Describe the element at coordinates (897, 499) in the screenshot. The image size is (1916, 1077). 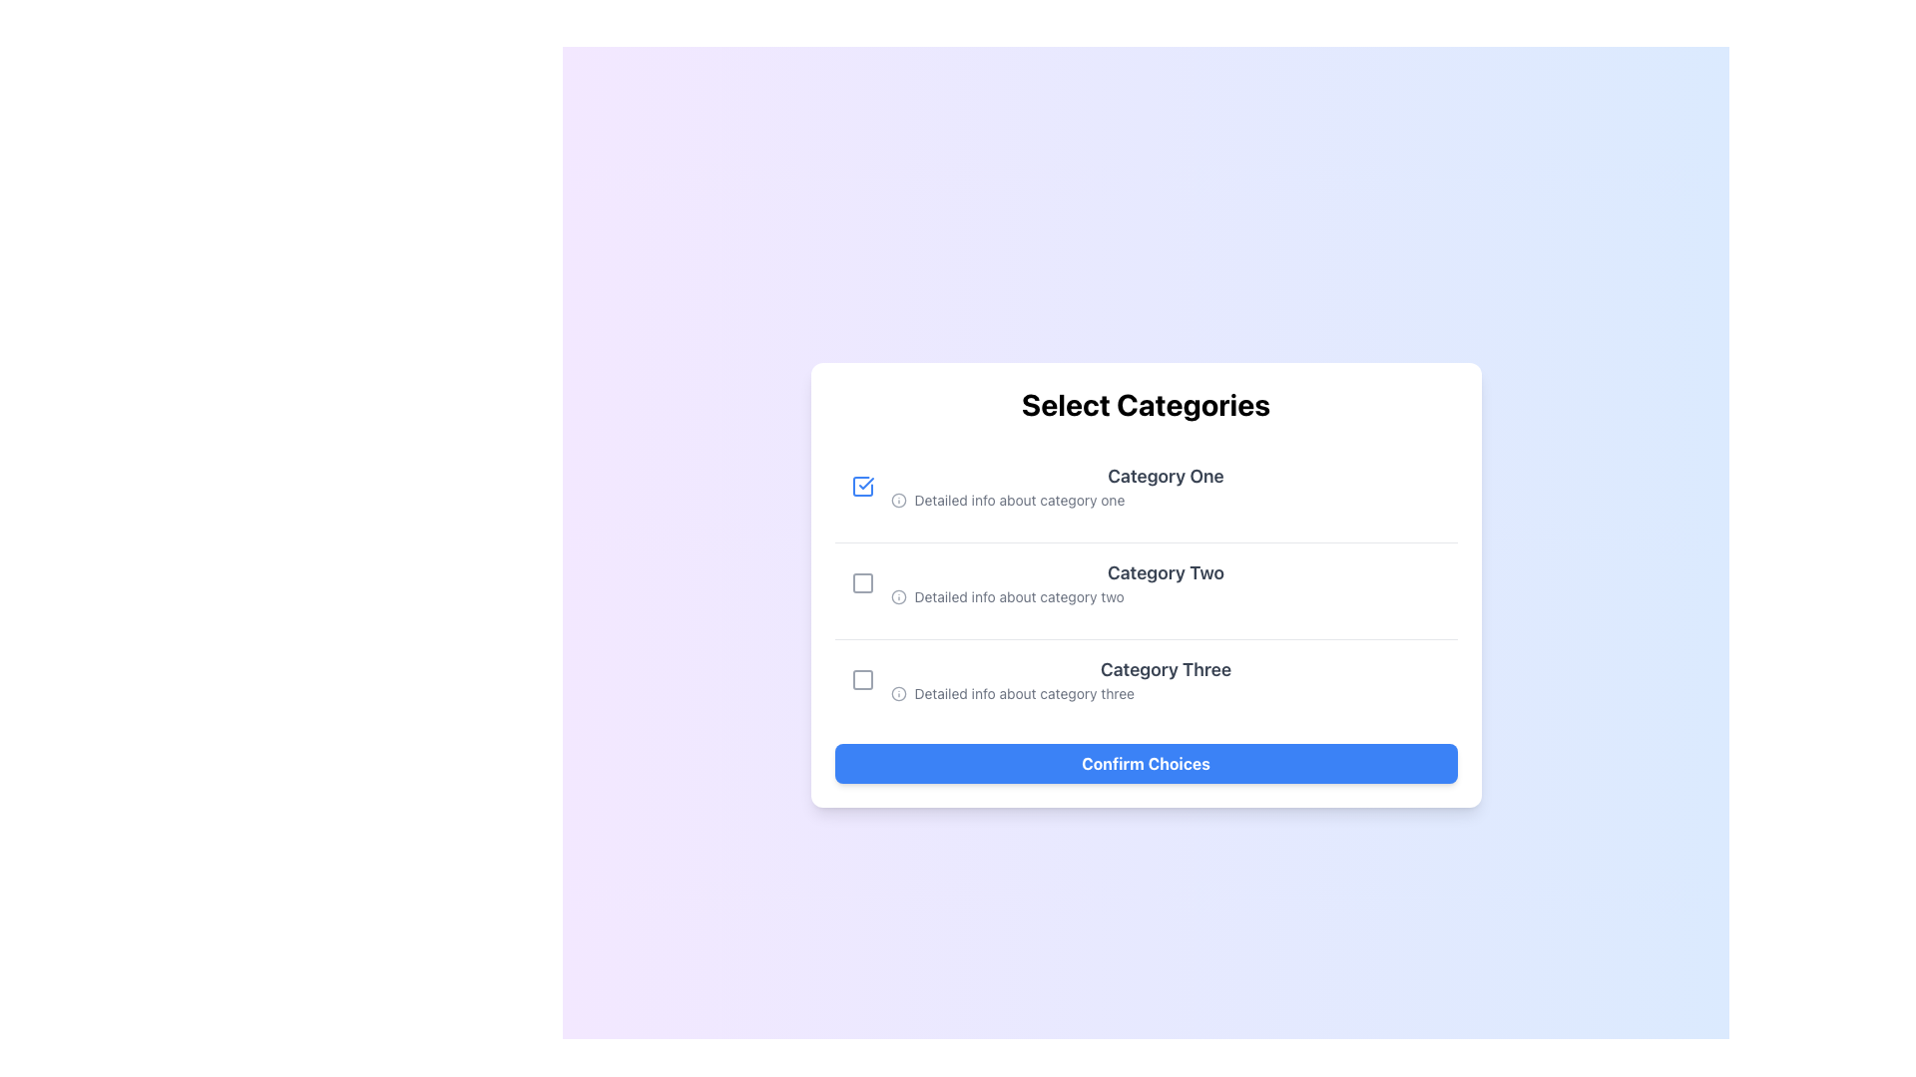
I see `the inner circle of the circular icon associated with 'Category One', which is located to the left of the text 'Detailed info about category one'` at that location.